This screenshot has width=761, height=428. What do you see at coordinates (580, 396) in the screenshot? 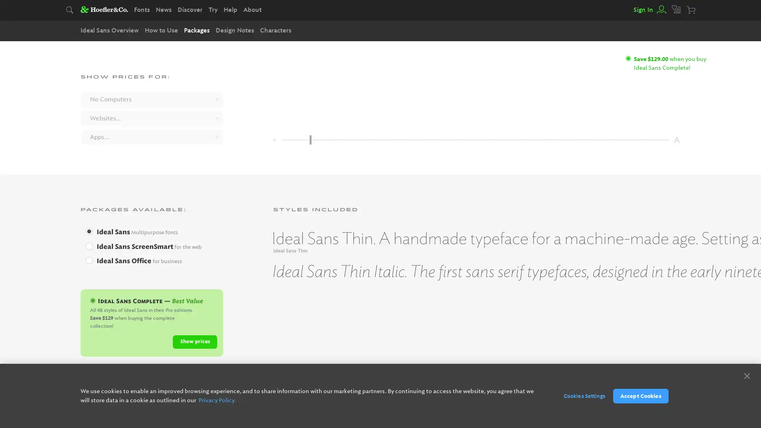
I see `Cookies Settings` at bounding box center [580, 396].